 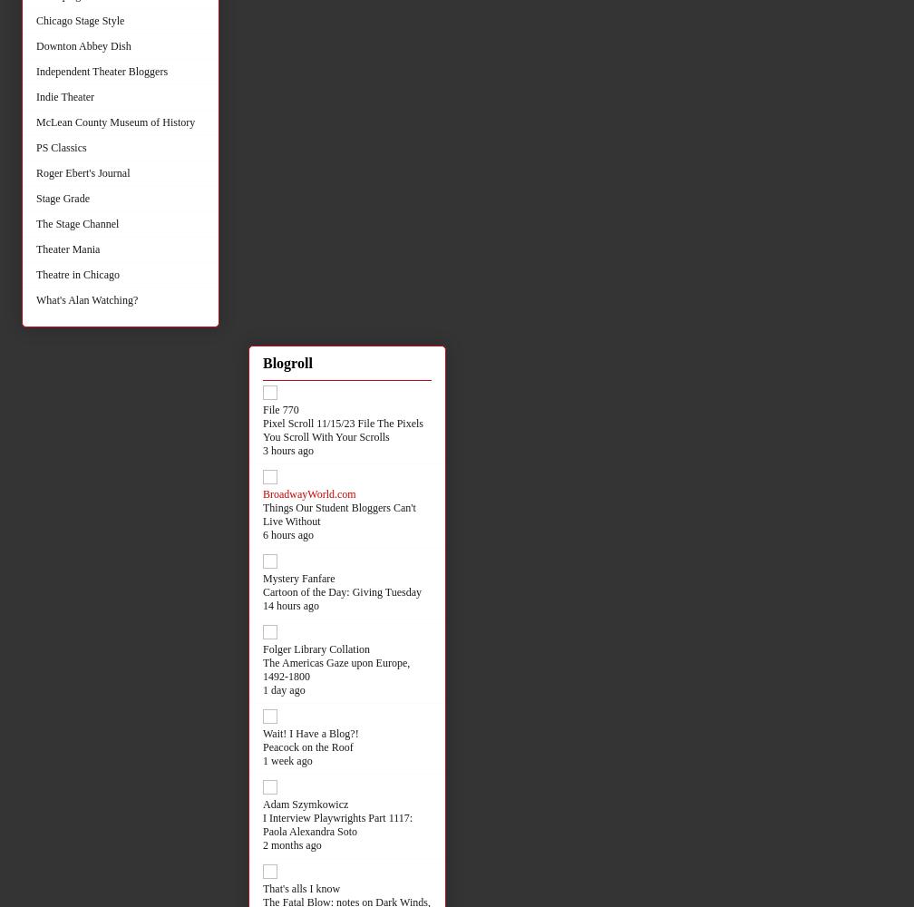 I want to click on 'Mystery Fanfare', so click(x=298, y=578).